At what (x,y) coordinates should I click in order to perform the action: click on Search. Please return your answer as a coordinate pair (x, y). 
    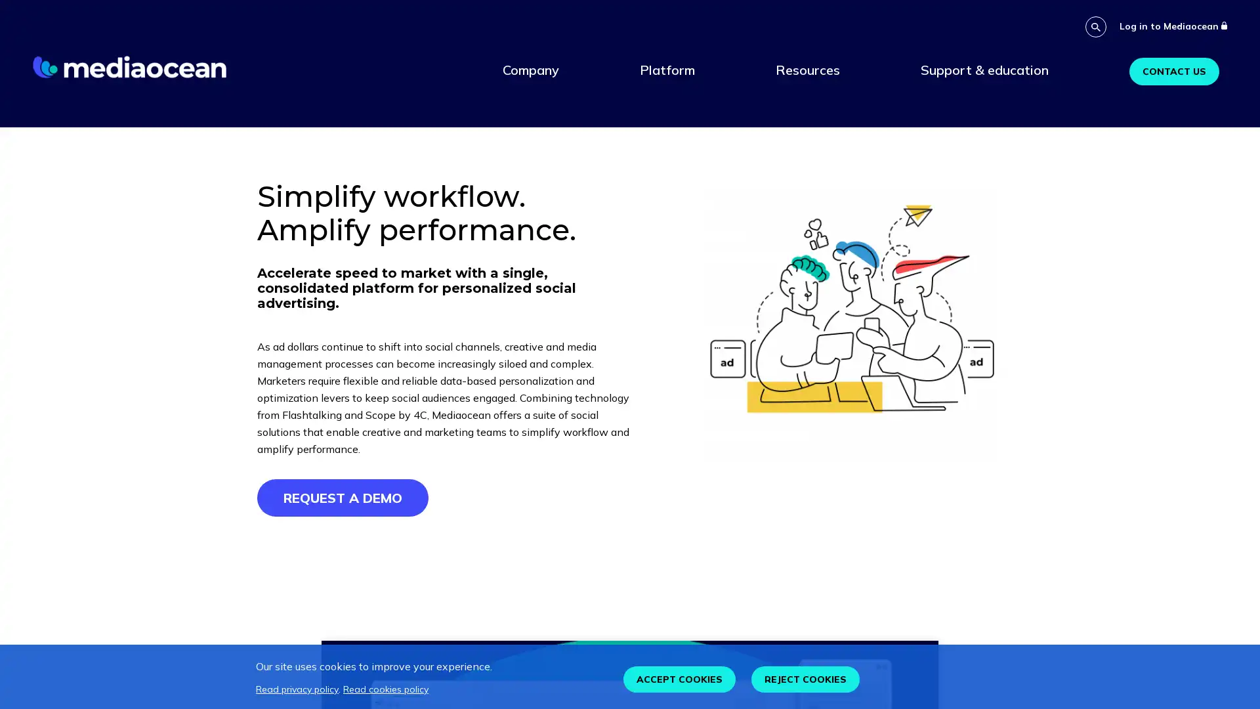
    Looking at the image, I should click on (1095, 28).